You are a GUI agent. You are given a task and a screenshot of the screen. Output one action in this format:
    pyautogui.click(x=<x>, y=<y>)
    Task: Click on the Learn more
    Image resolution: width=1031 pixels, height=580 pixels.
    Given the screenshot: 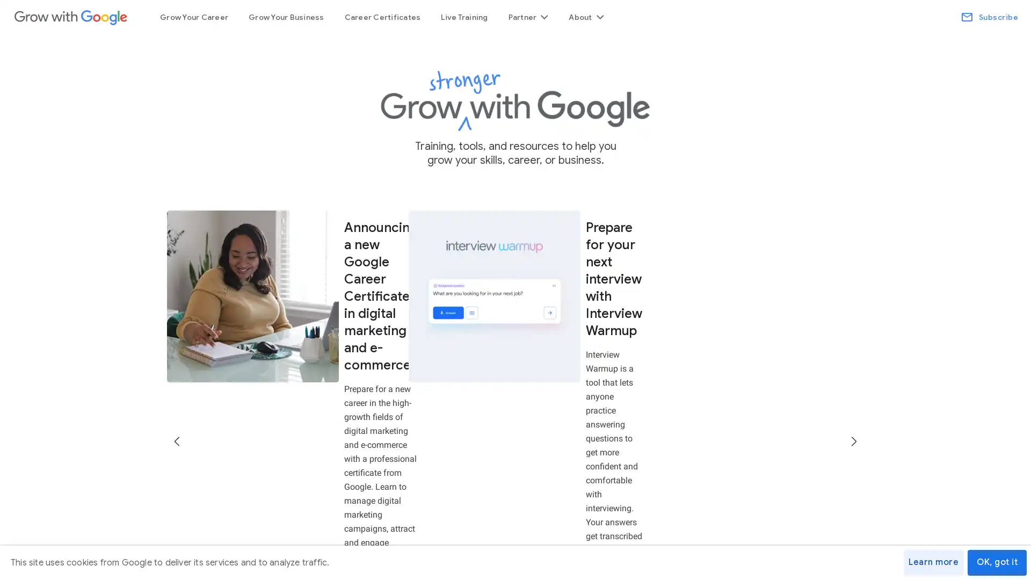 What is the action you would take?
    pyautogui.click(x=933, y=562)
    